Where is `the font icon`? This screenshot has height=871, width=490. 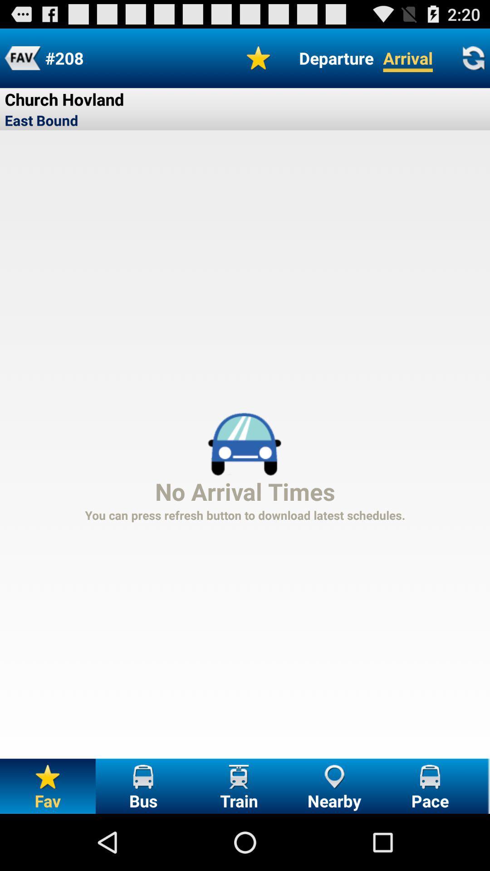
the font icon is located at coordinates (22, 62).